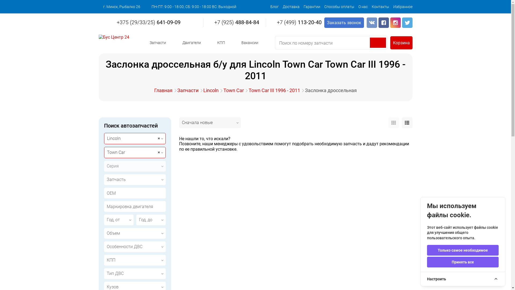 This screenshot has width=515, height=290. Describe the element at coordinates (145, 22) in the screenshot. I see `'+375 (29/33/25) 641-09-09'` at that location.